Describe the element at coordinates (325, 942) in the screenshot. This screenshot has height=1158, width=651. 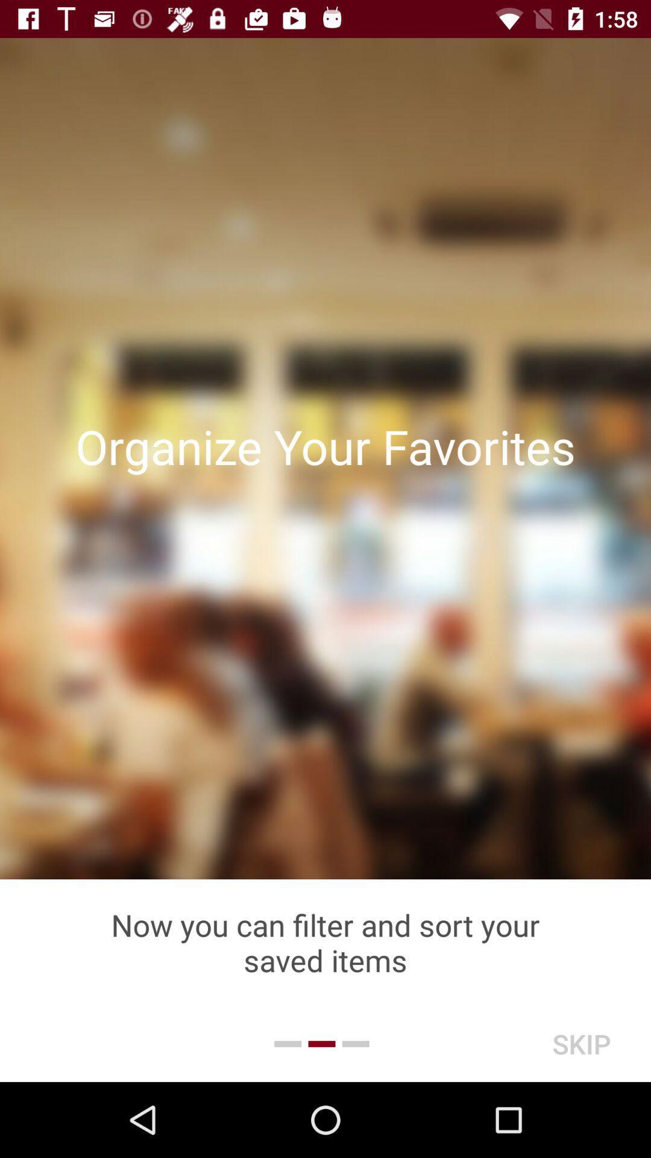
I see `the now you can icon` at that location.